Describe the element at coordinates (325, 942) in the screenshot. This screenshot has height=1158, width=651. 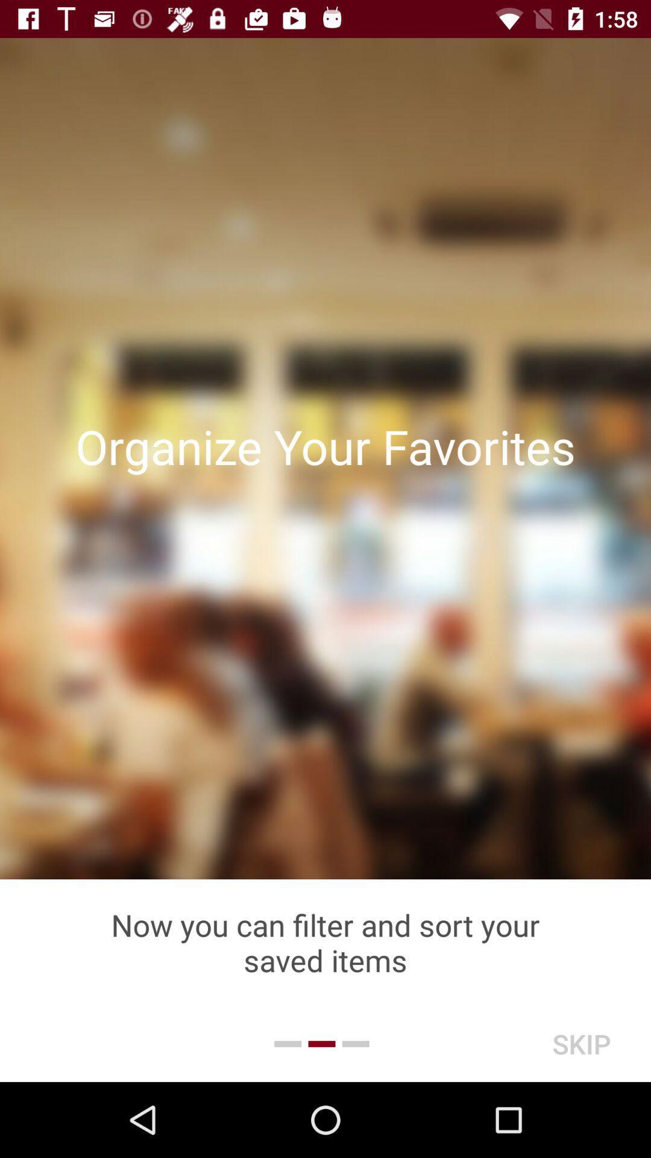
I see `the now you can icon` at that location.